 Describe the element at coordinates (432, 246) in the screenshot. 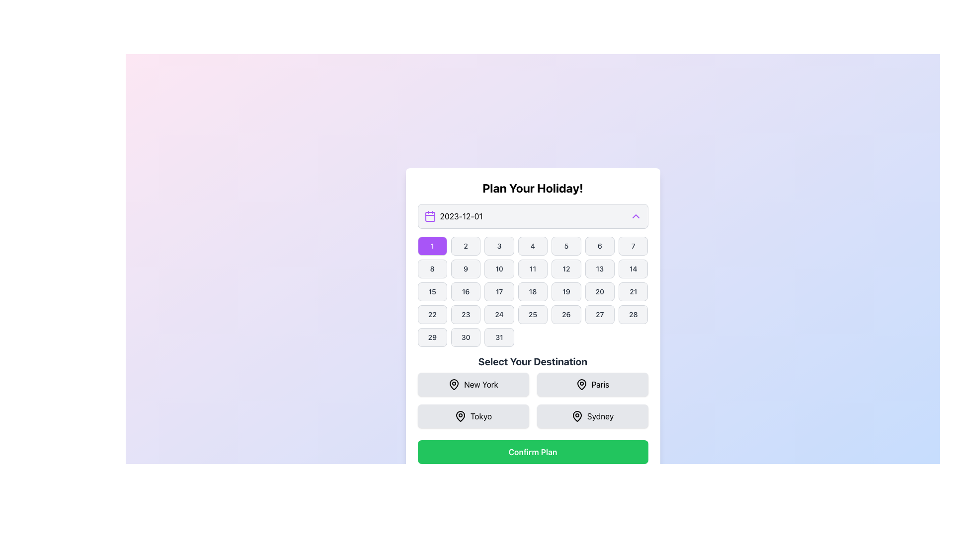

I see `the purple button with the numeral '1' in white text located in the top-left corner of the calendar grid` at that location.